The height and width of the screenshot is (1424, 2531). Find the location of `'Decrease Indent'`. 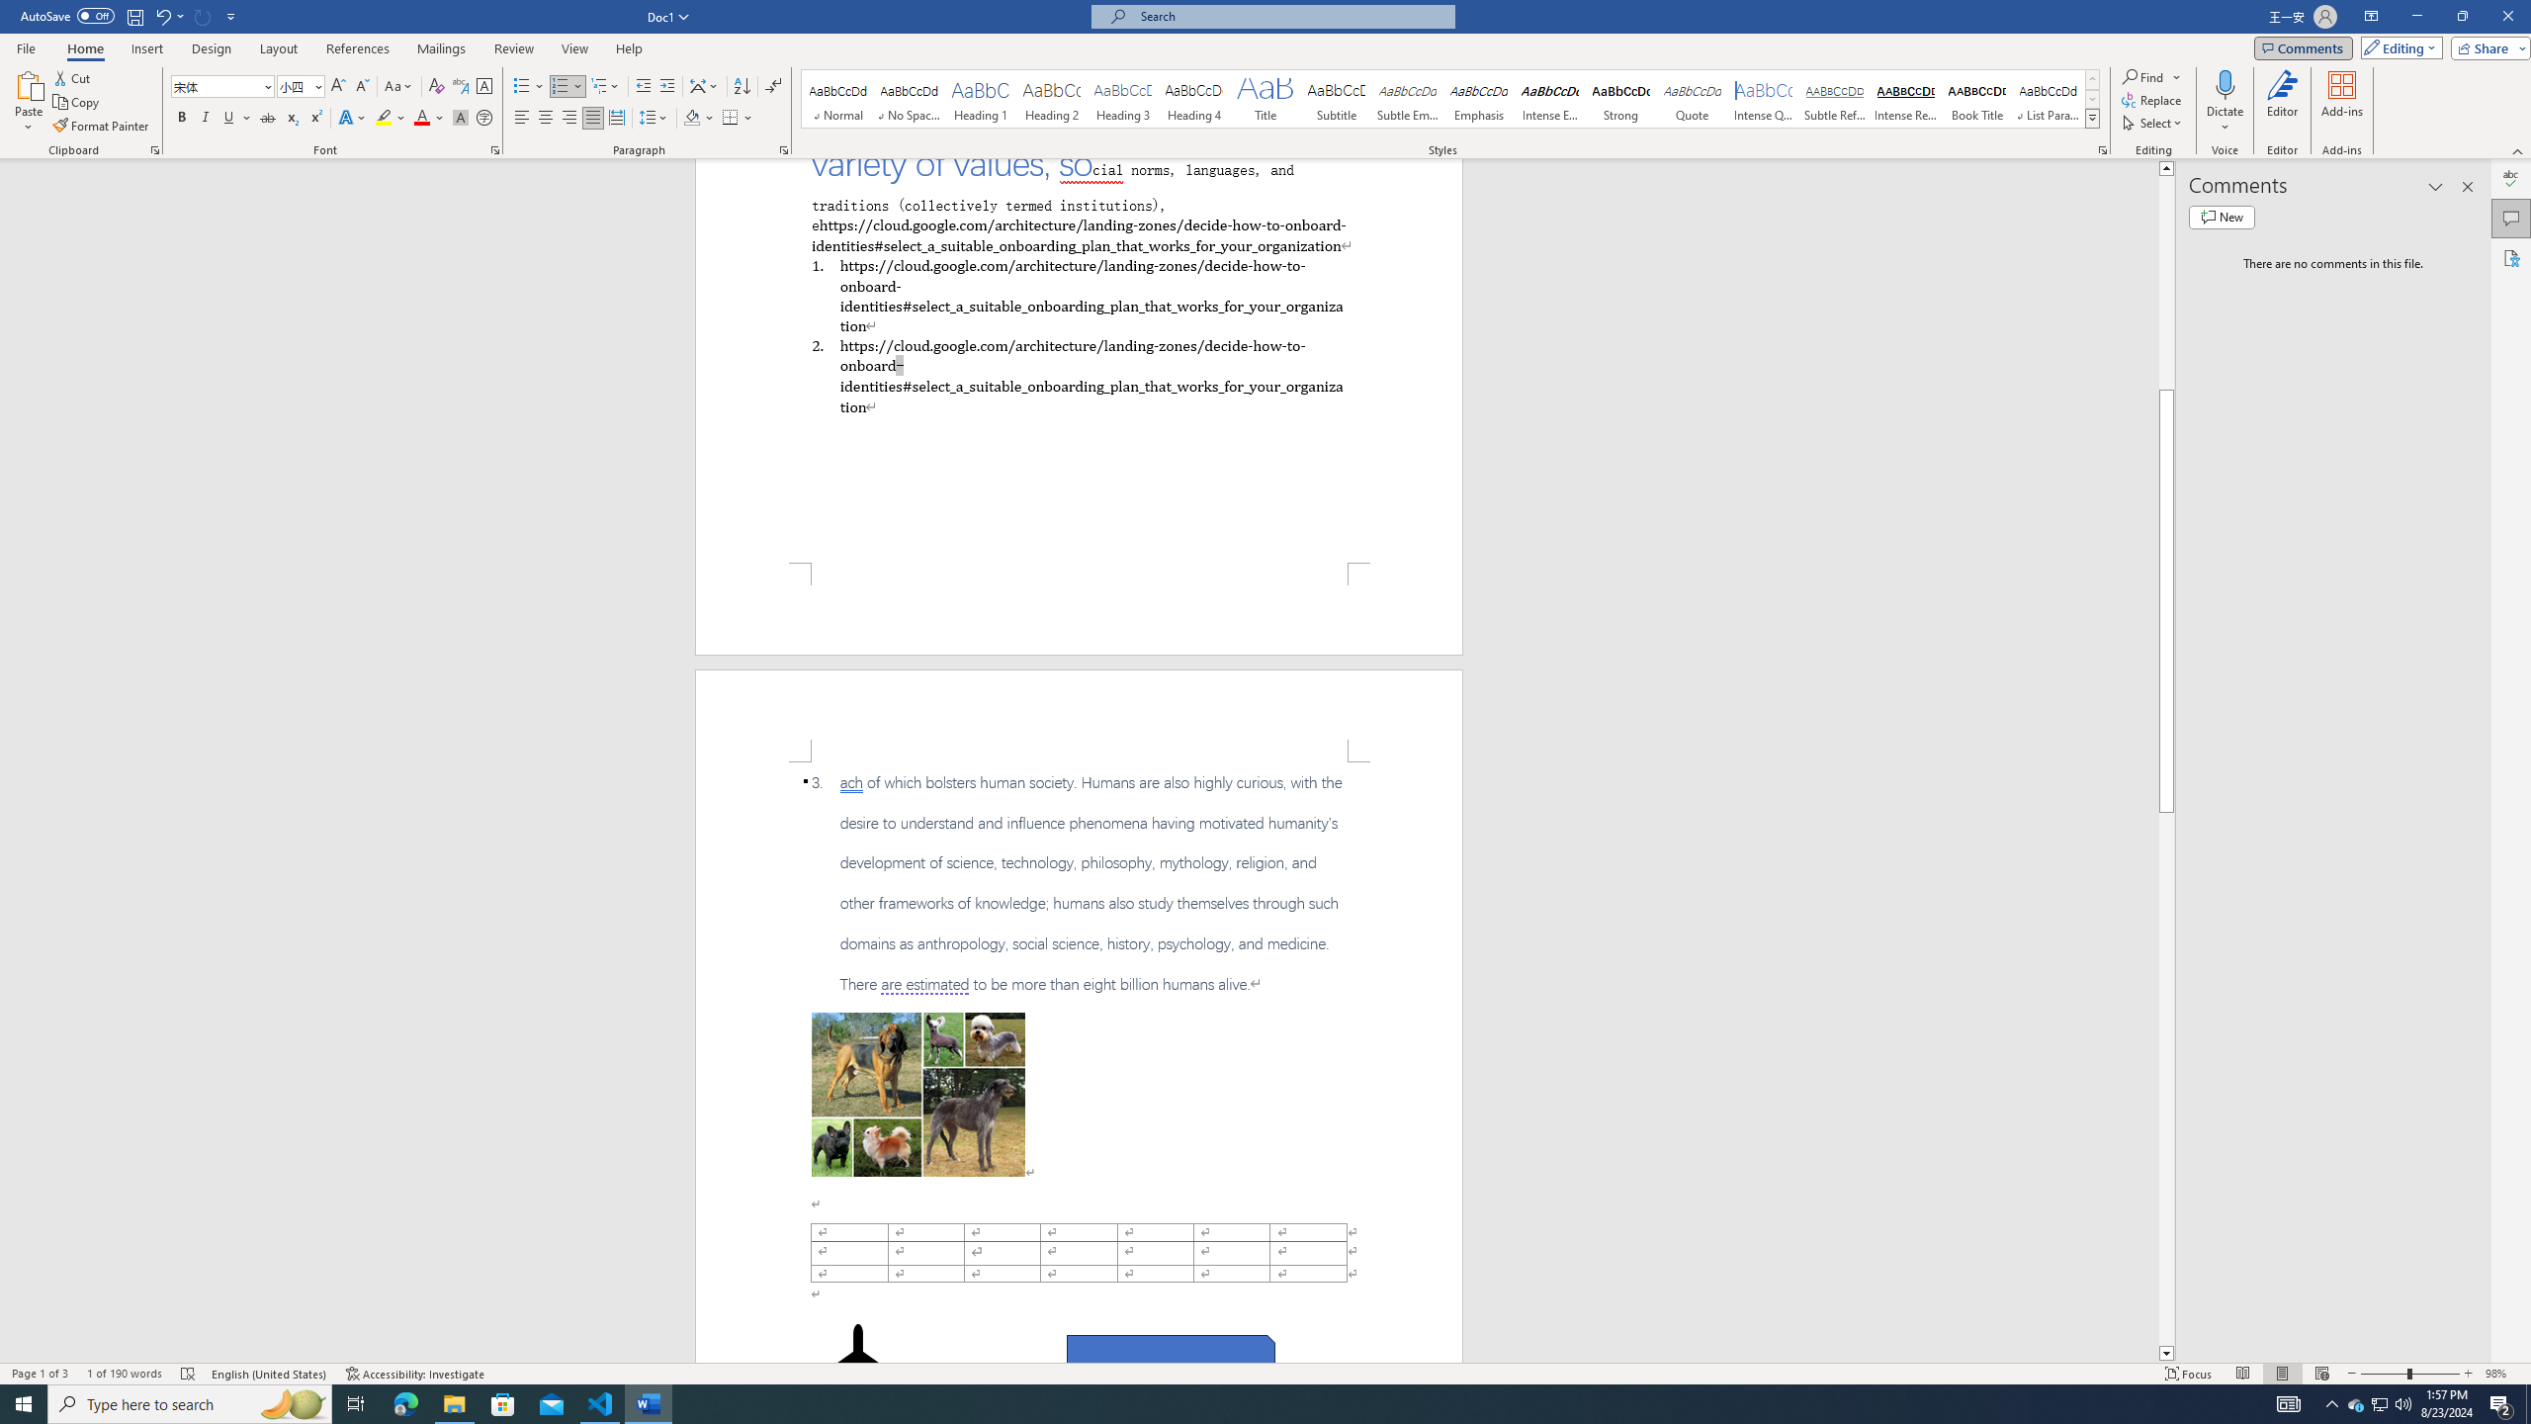

'Decrease Indent' is located at coordinates (644, 86).